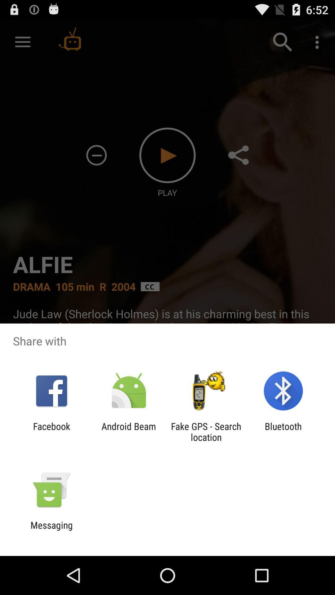 The image size is (335, 595). Describe the element at coordinates (206, 431) in the screenshot. I see `fake gps search icon` at that location.